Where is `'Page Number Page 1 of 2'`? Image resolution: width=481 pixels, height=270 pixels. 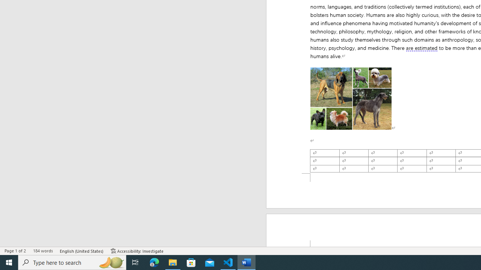 'Page Number Page 1 of 2' is located at coordinates (15, 251).